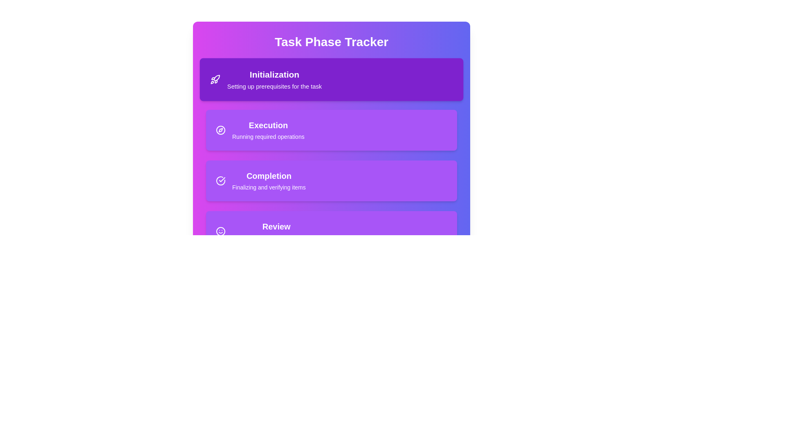 The height and width of the screenshot is (441, 785). I want to click on the Informational card with a purple background containing a smiley icon and the text 'Review', located below the 'Completion' card in the Task Phase Tracker, so click(332, 232).